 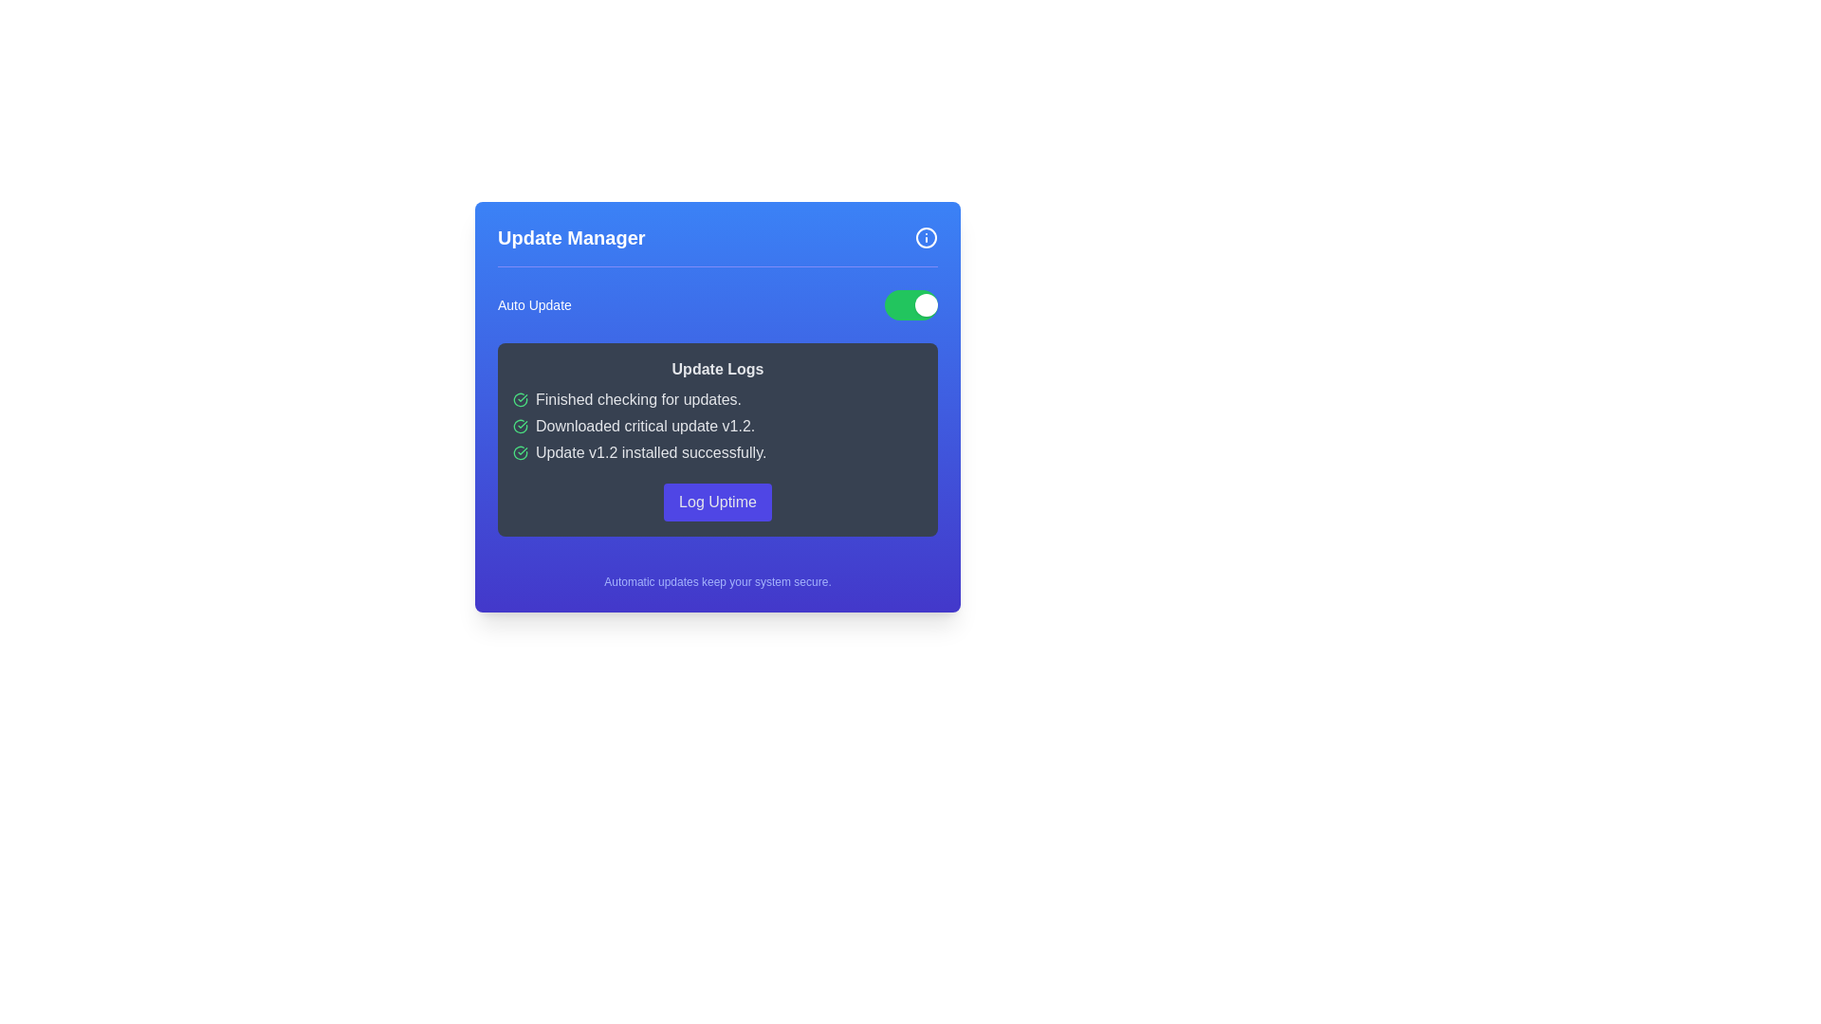 I want to click on the informational static text label about automatic updates located at the bottom edge of the update manager interface, directly below the 'Log Uptime' button, so click(x=717, y=580).